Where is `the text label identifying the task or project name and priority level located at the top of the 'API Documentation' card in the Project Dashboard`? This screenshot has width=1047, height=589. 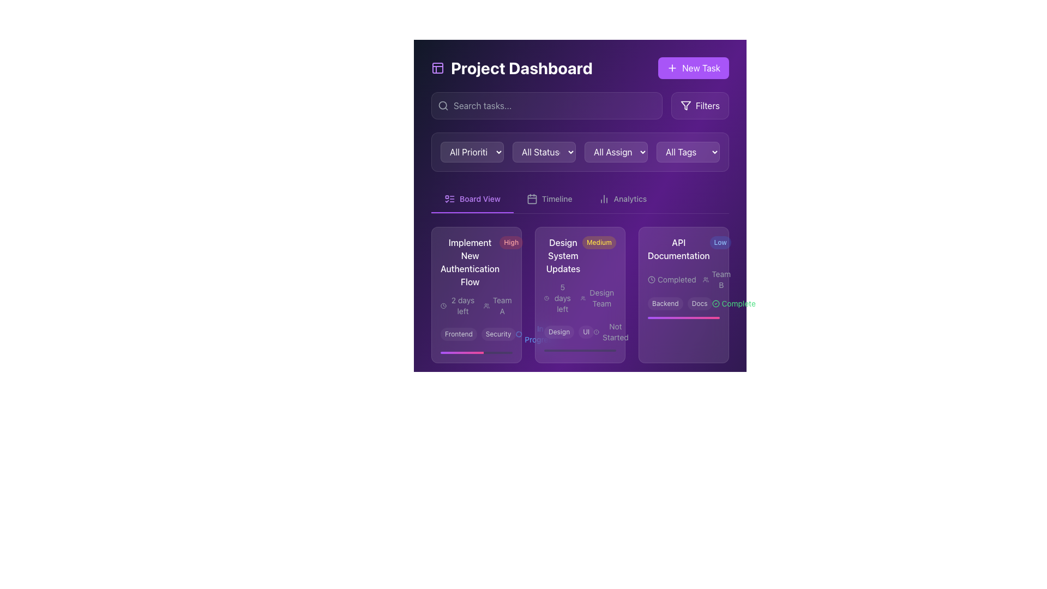 the text label identifying the task or project name and priority level located at the top of the 'API Documentation' card in the Project Dashboard is located at coordinates (683, 249).